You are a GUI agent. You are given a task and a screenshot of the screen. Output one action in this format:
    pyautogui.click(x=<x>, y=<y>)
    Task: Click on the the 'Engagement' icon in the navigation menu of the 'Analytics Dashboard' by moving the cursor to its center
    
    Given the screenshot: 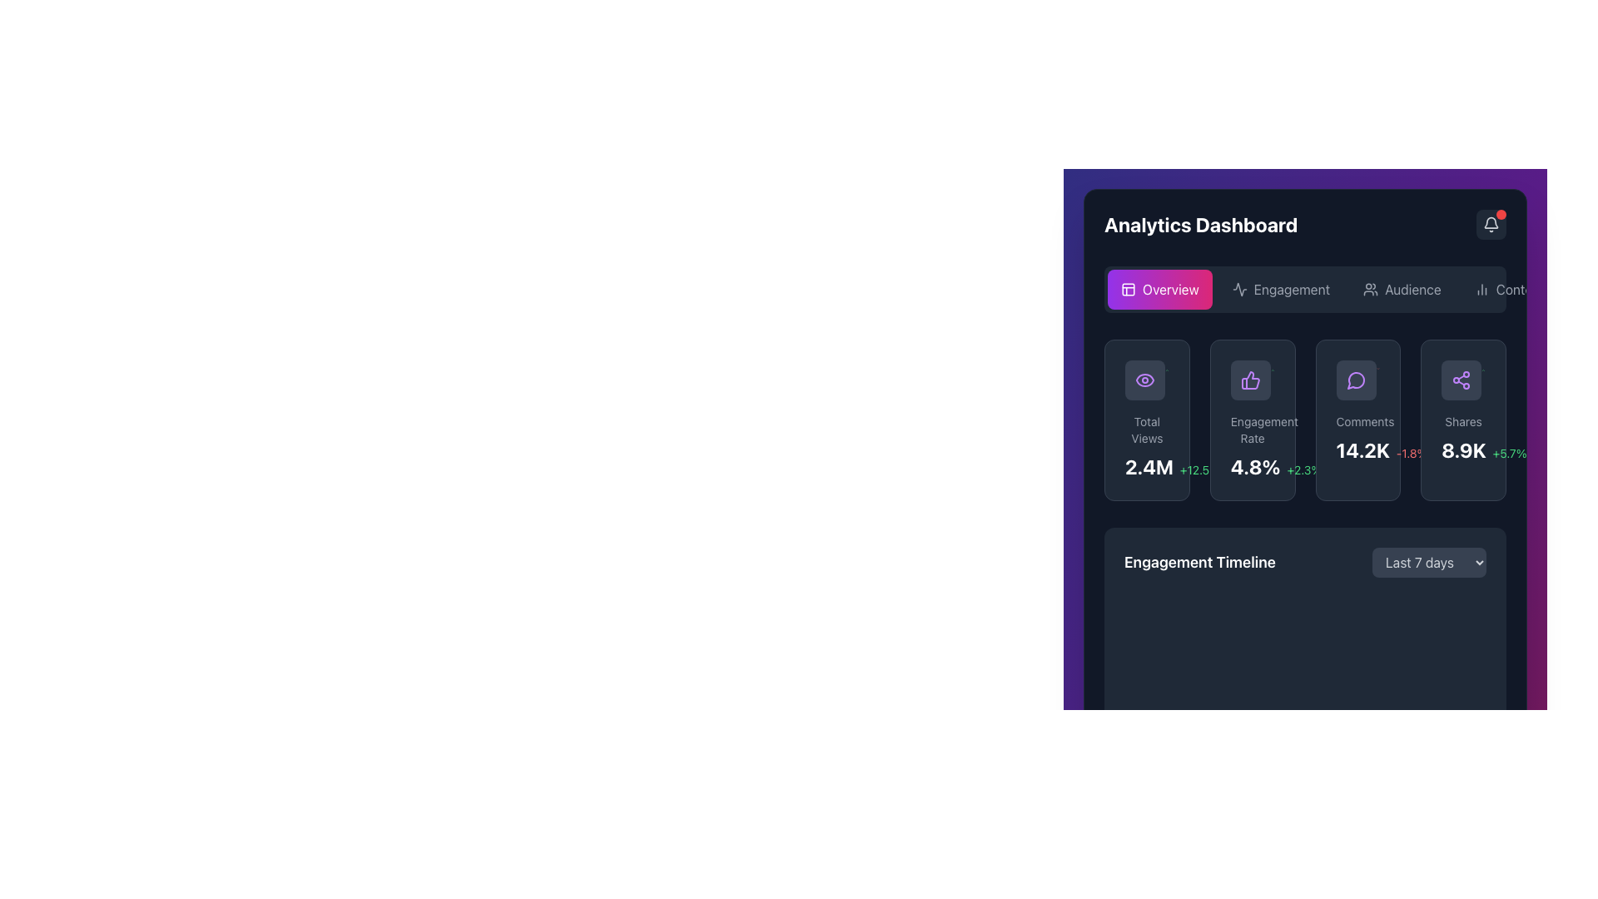 What is the action you would take?
    pyautogui.click(x=1239, y=288)
    